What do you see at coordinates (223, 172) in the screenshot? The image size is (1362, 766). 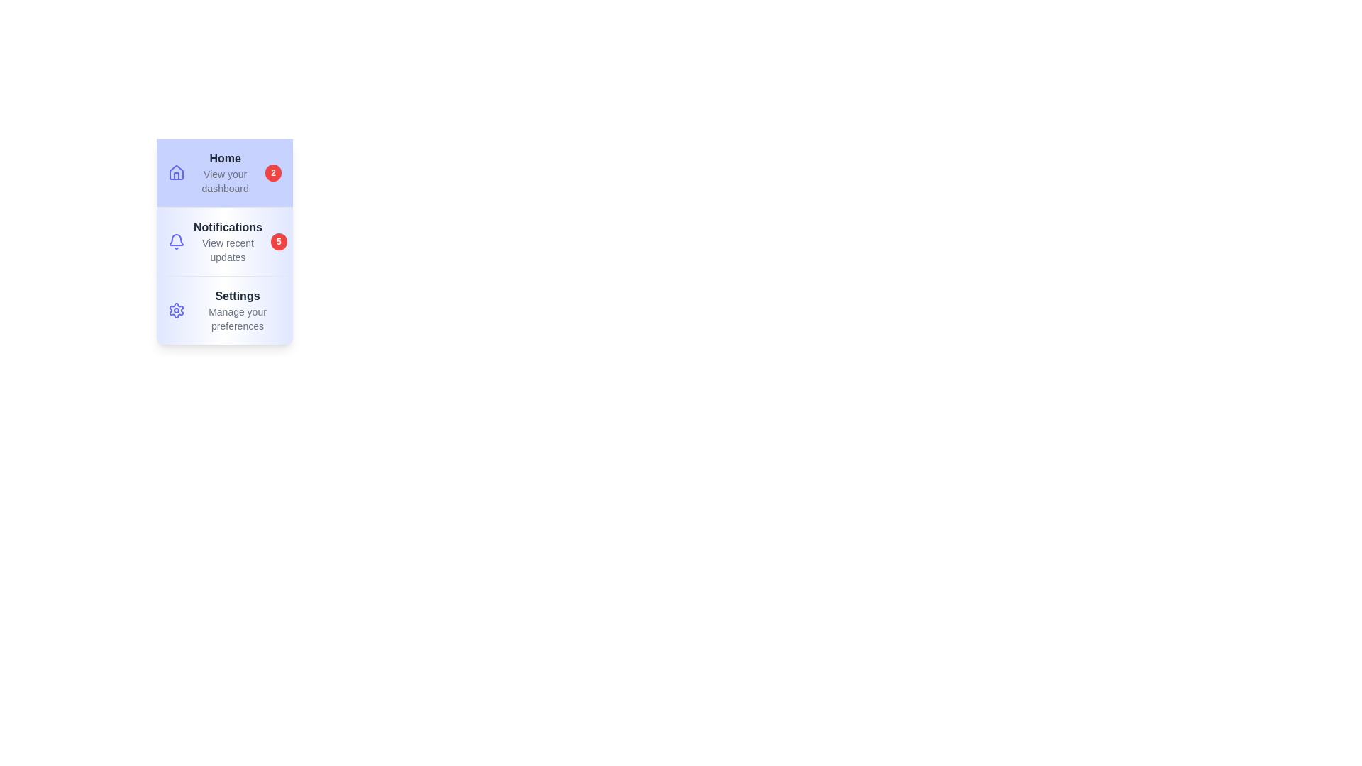 I see `the menu item labeled Home` at bounding box center [223, 172].